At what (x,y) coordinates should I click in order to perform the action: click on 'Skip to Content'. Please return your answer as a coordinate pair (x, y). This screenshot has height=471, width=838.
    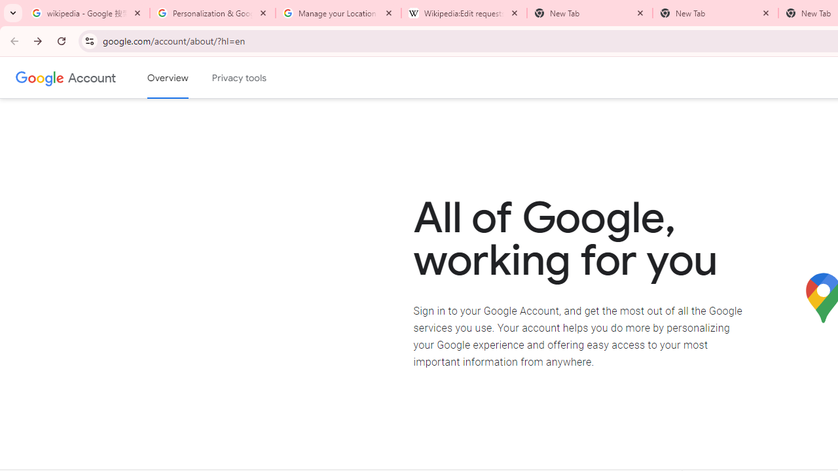
    Looking at the image, I should click on (186, 76).